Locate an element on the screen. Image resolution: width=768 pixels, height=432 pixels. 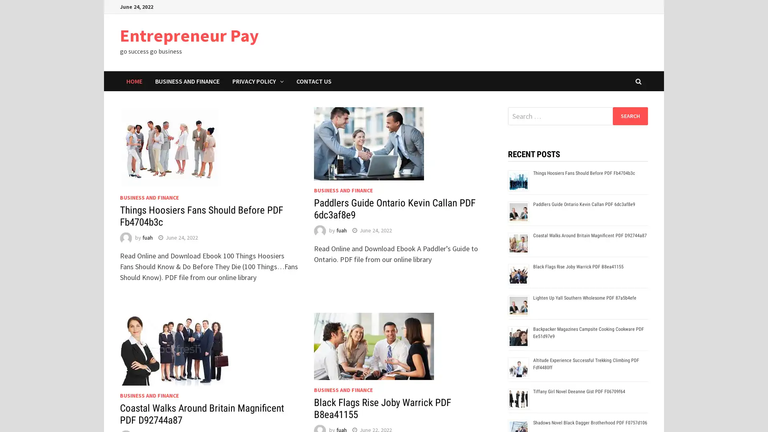
Search is located at coordinates (630, 116).